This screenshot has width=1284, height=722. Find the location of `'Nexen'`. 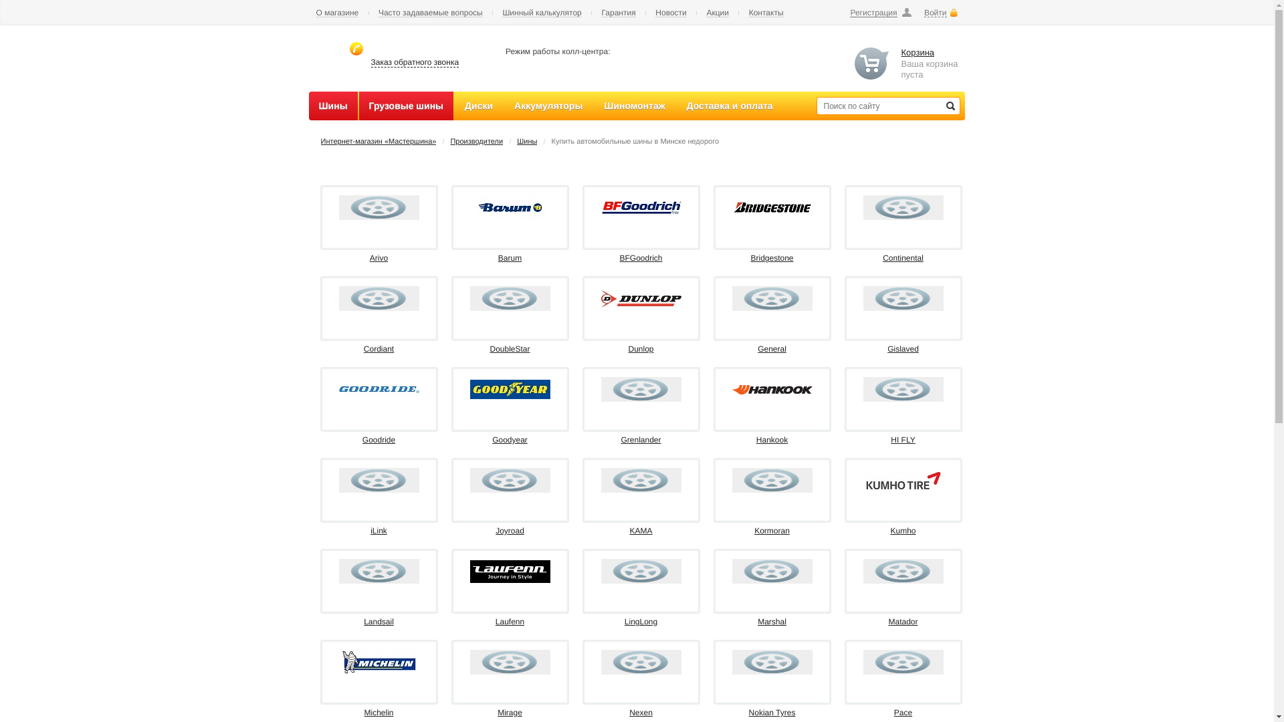

'Nexen' is located at coordinates (640, 662).